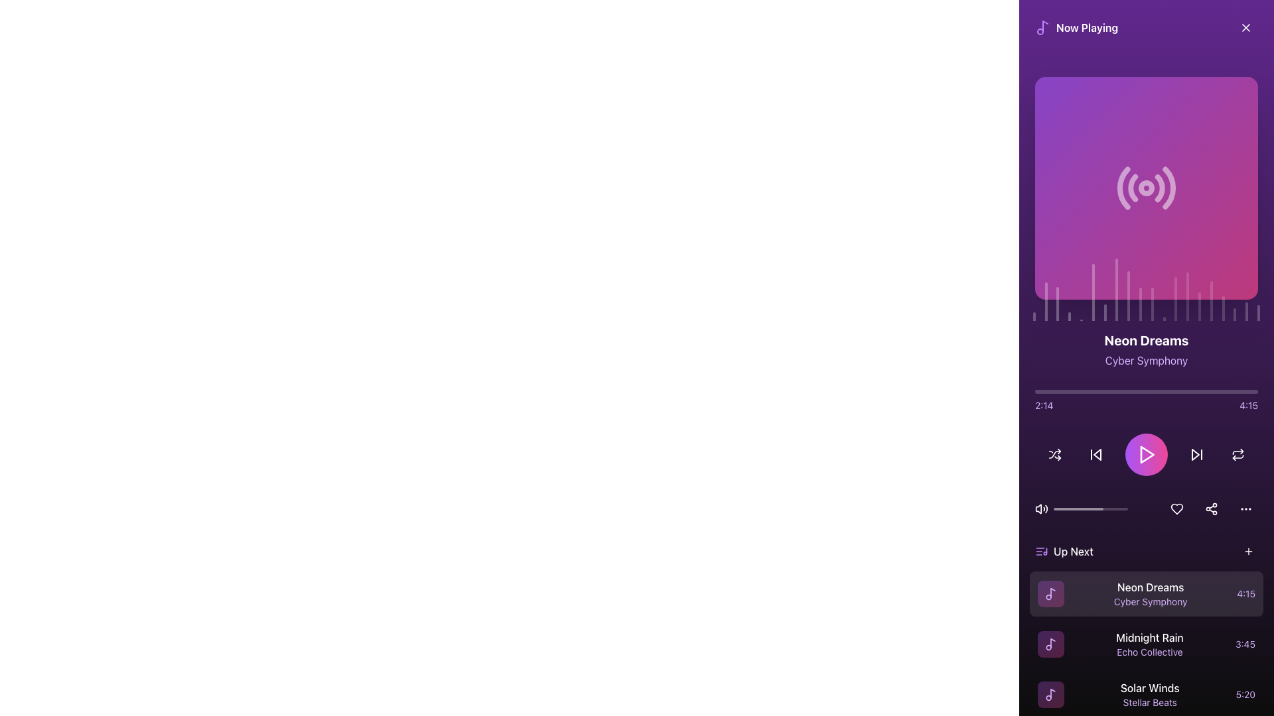 This screenshot has width=1274, height=716. Describe the element at coordinates (1090, 508) in the screenshot. I see `the progress bar element, which is a horizontally oriented bar with a light background and rounded shape, to adjust the progress` at that location.